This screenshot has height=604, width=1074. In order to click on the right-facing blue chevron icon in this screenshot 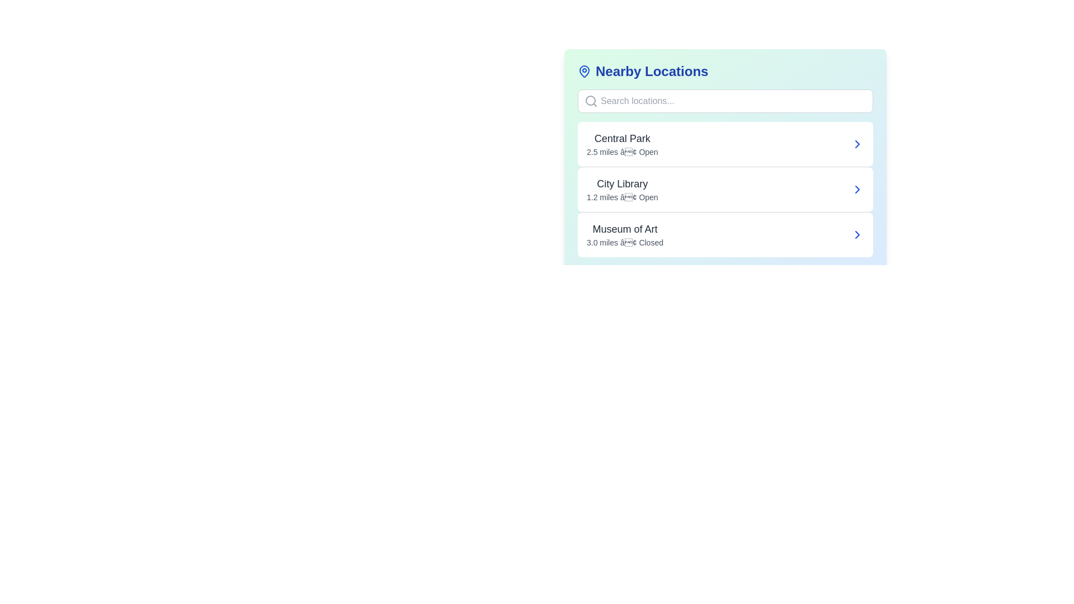, I will do `click(856, 234)`.